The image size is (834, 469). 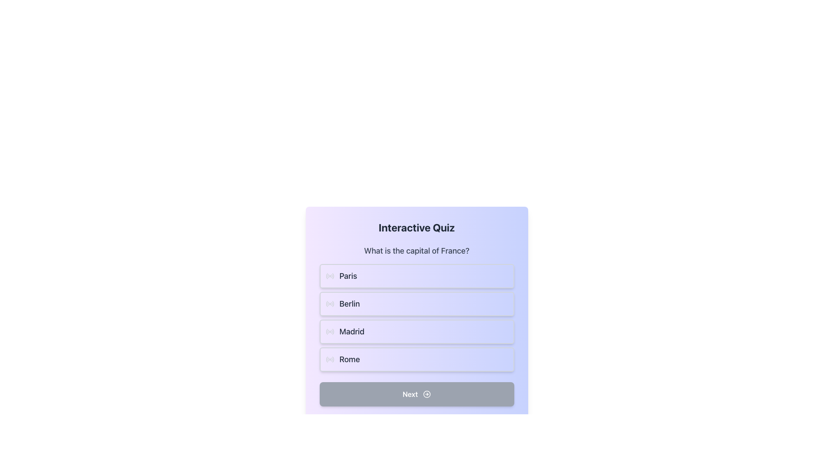 What do you see at coordinates (416, 360) in the screenshot?
I see `the radio button option labeled 'Rome'` at bounding box center [416, 360].